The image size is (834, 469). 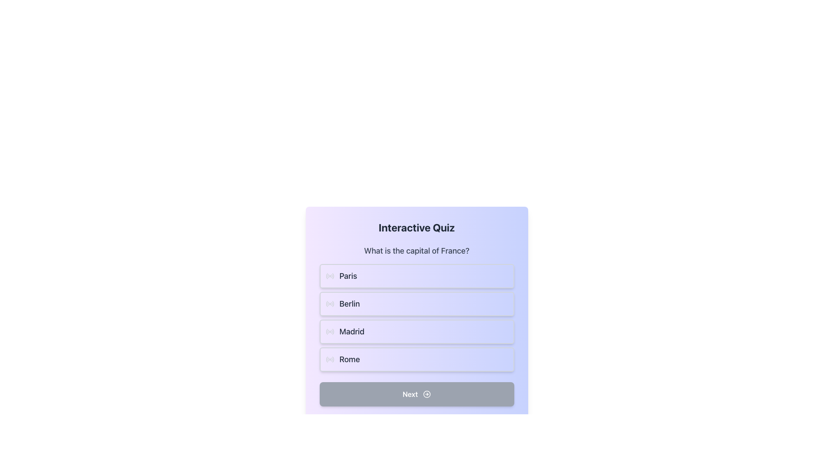 What do you see at coordinates (416, 360) in the screenshot?
I see `the radio button option labeled 'Rome'` at bounding box center [416, 360].